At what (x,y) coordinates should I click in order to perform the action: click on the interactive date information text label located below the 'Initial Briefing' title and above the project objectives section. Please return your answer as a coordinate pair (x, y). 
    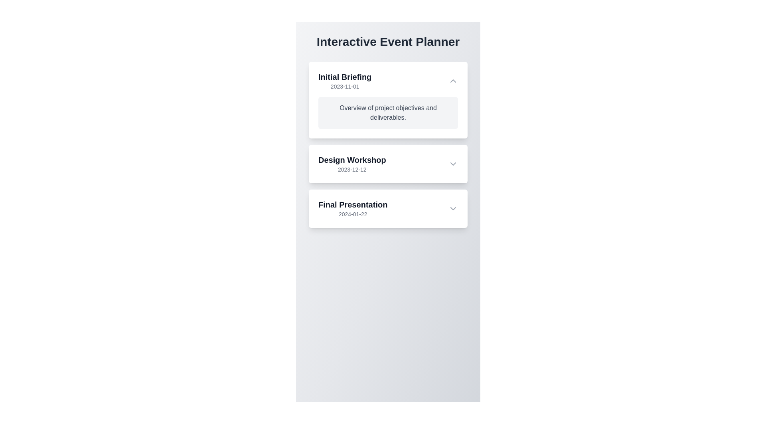
    Looking at the image, I should click on (345, 86).